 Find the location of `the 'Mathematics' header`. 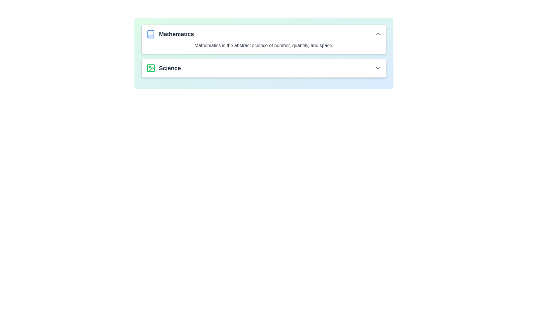

the 'Mathematics' header is located at coordinates (170, 34).